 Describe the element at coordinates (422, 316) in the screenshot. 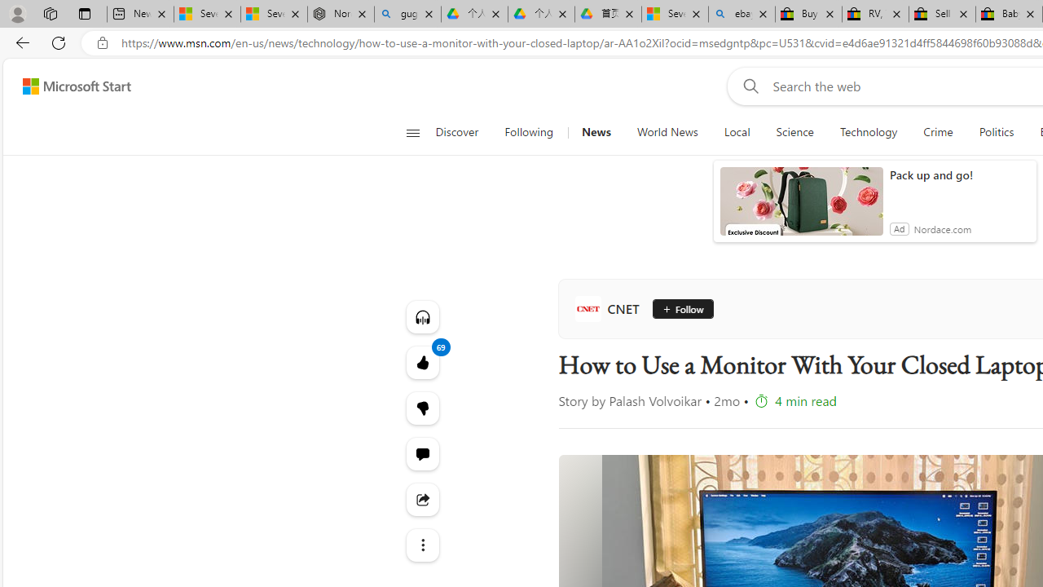

I see `'Listen to this article'` at that location.